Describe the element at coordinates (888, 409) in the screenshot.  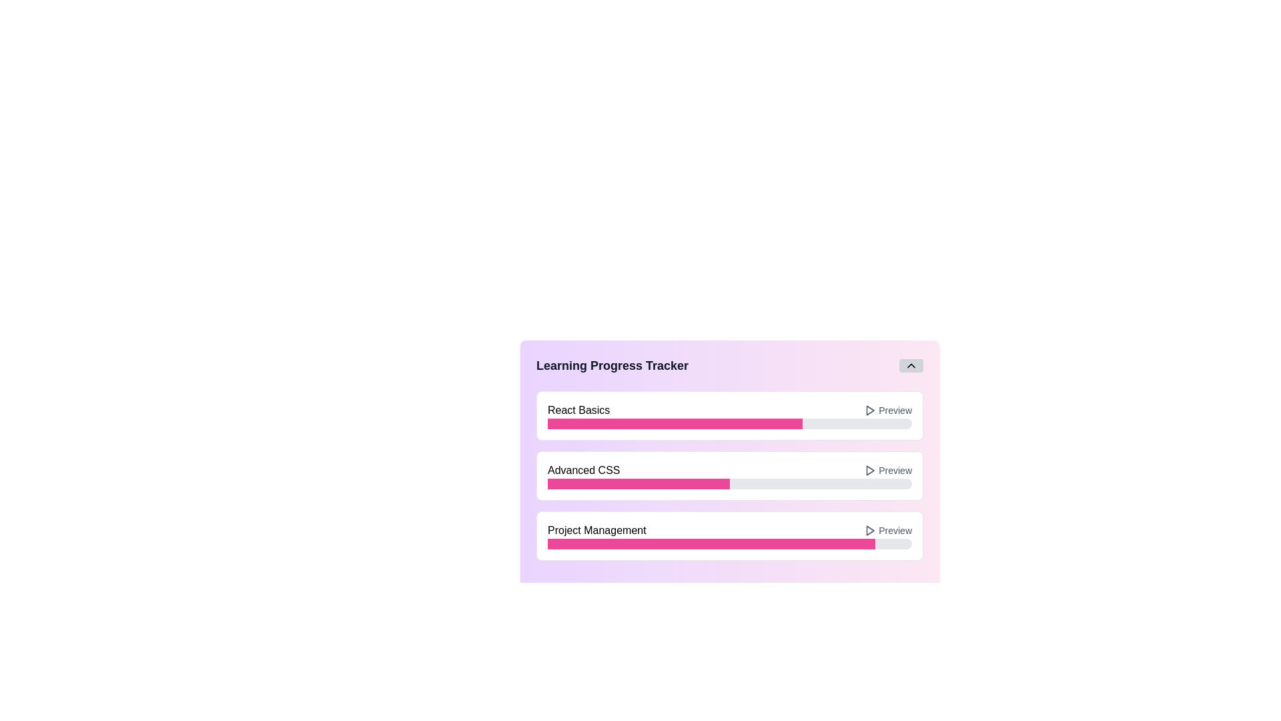
I see `the 'Preview' button with a play icon, which is the rightmost element in the 'React Basics' row` at that location.